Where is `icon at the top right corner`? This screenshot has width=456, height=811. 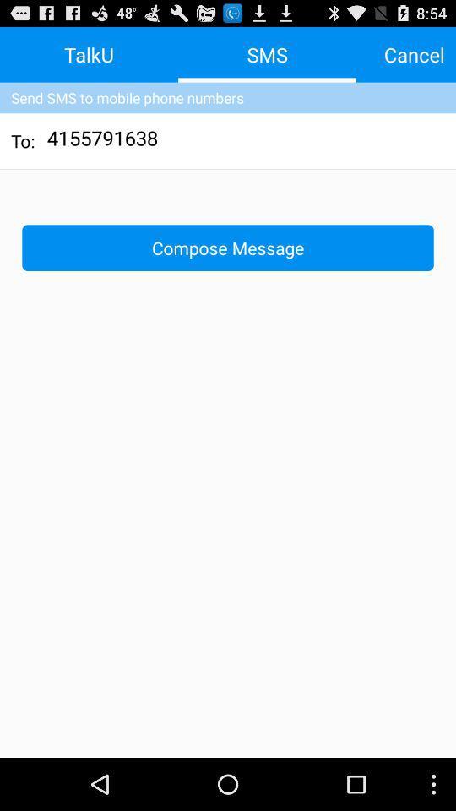 icon at the top right corner is located at coordinates (413, 54).